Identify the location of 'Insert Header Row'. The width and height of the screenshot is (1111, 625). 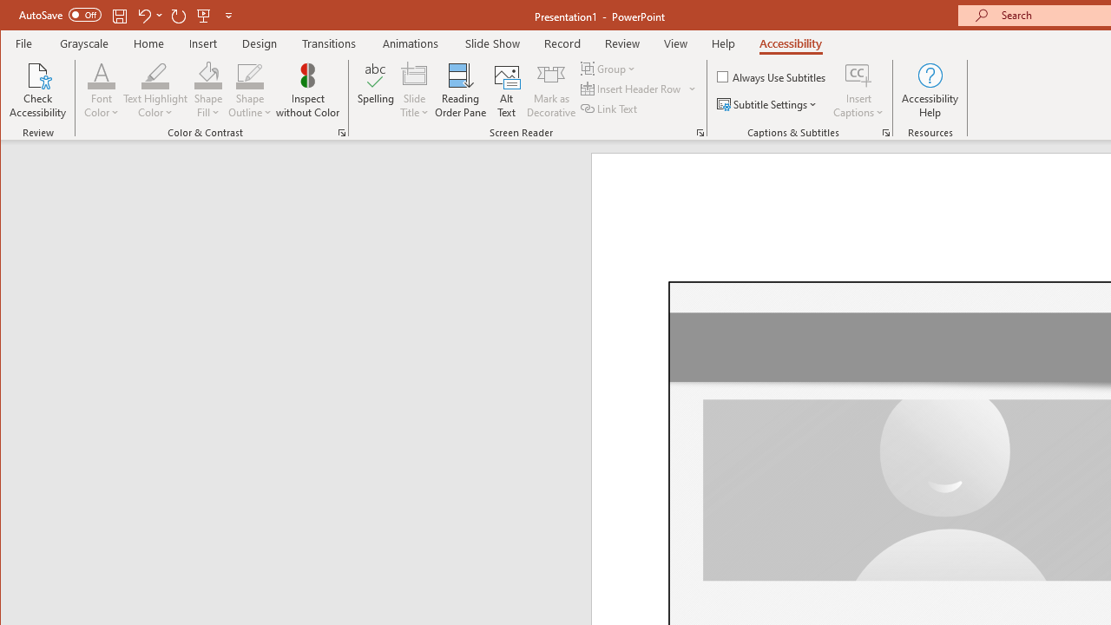
(631, 89).